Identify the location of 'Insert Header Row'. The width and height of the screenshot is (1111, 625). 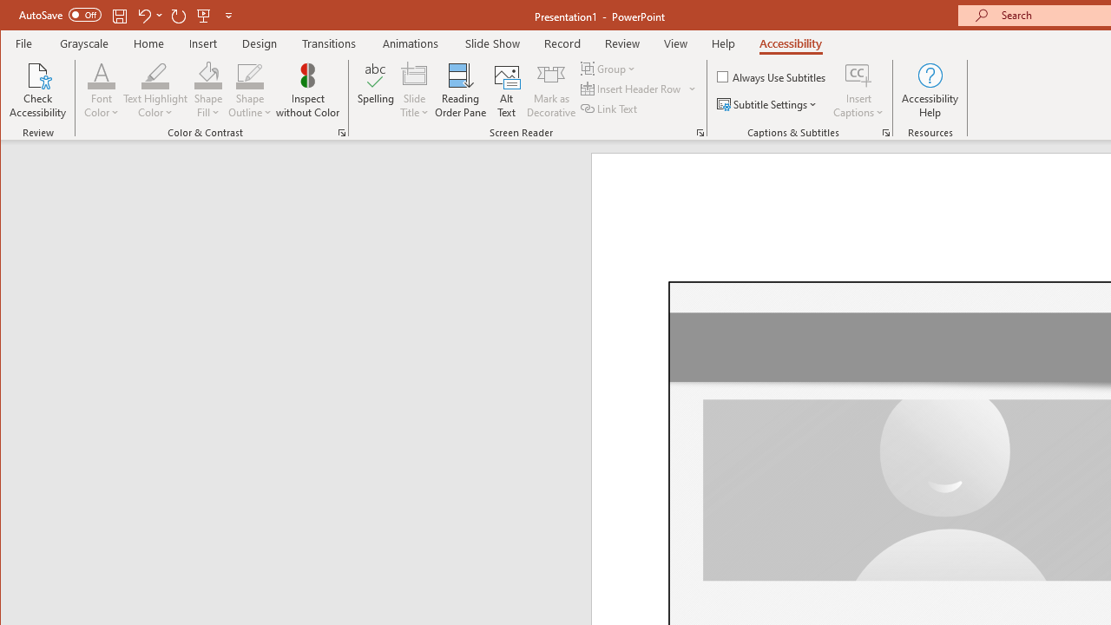
(631, 89).